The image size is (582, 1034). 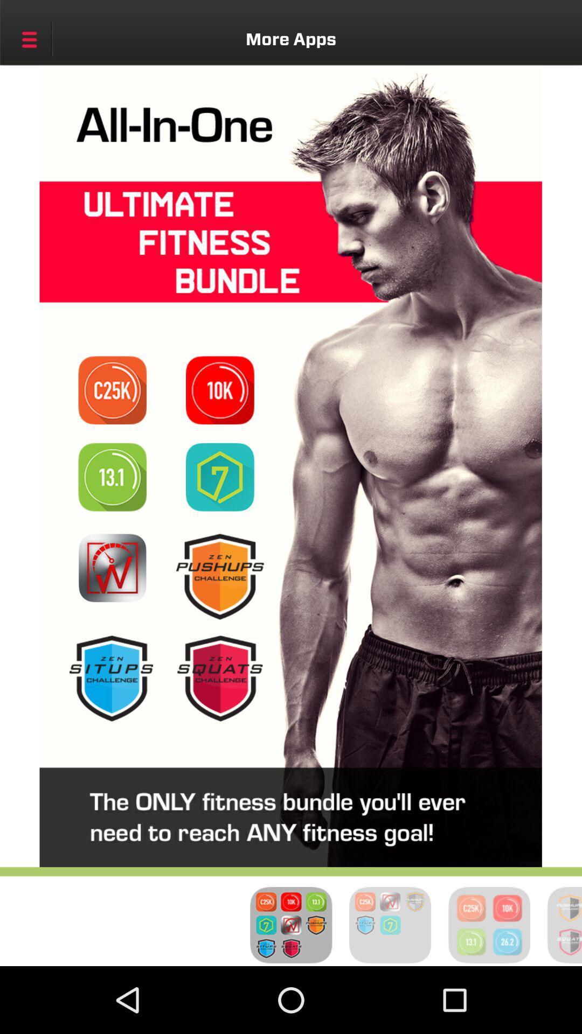 I want to click on item below more apps, so click(x=112, y=389).